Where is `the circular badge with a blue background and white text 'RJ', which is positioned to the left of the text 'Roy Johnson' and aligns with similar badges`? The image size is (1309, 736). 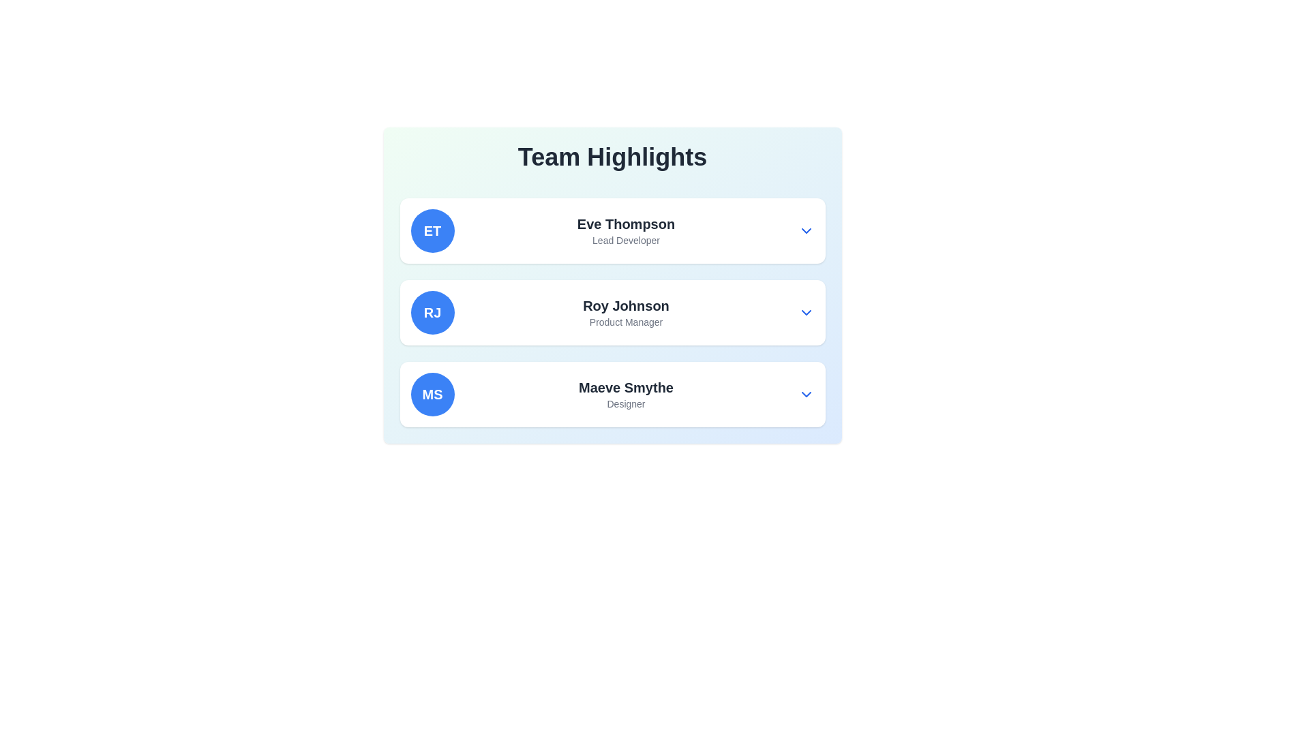
the circular badge with a blue background and white text 'RJ', which is positioned to the left of the text 'Roy Johnson' and aligns with similar badges is located at coordinates (432, 313).